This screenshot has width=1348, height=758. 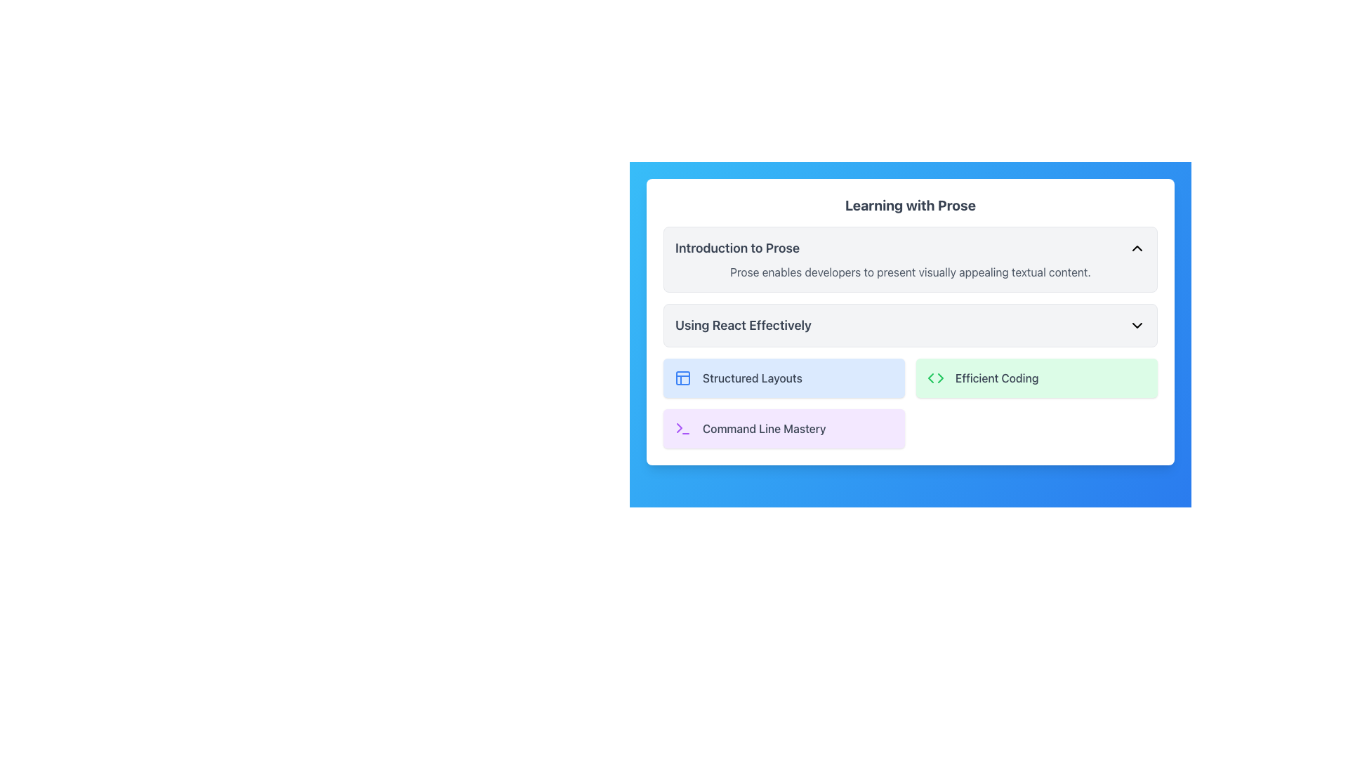 What do you see at coordinates (930, 378) in the screenshot?
I see `the leftmost directional vector graphic icon within the 'Efficient Coding' section` at bounding box center [930, 378].